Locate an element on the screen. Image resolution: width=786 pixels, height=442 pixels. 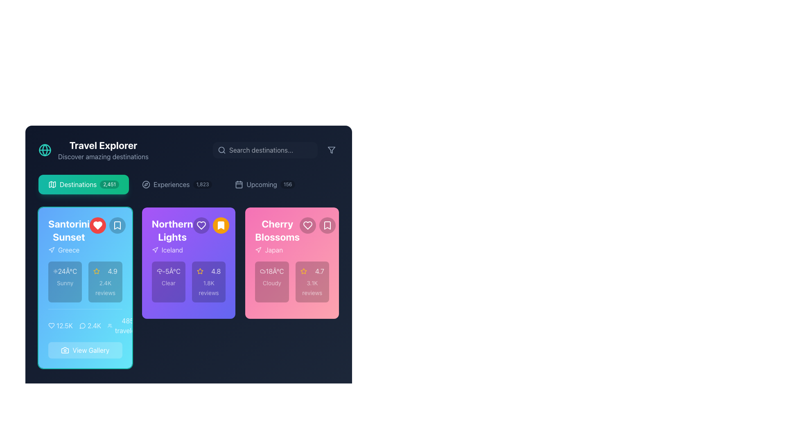
the Text label indicating the country associated with the travel destination in the 'Cherry Blossoms' card, located in the third column from the left, near the bottom of the card under the title is located at coordinates (277, 249).